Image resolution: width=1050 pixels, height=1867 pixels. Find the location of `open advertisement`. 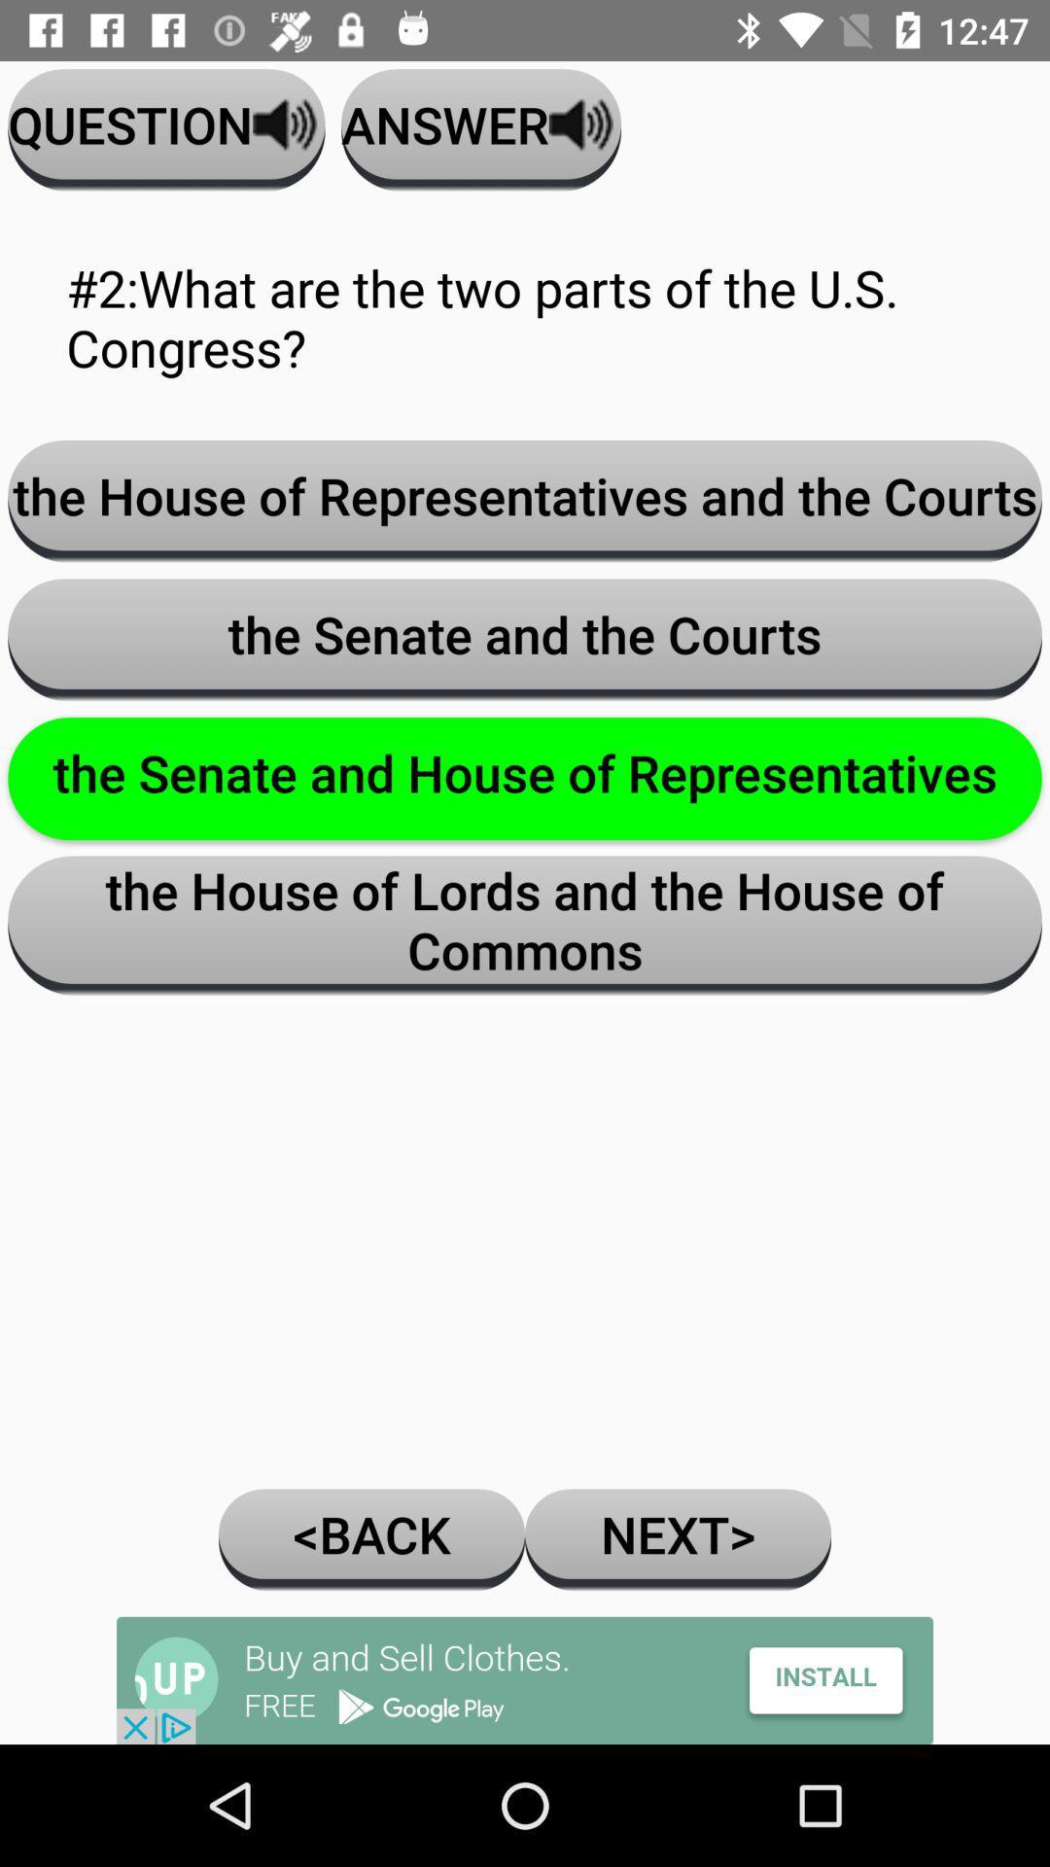

open advertisement is located at coordinates (525, 1679).